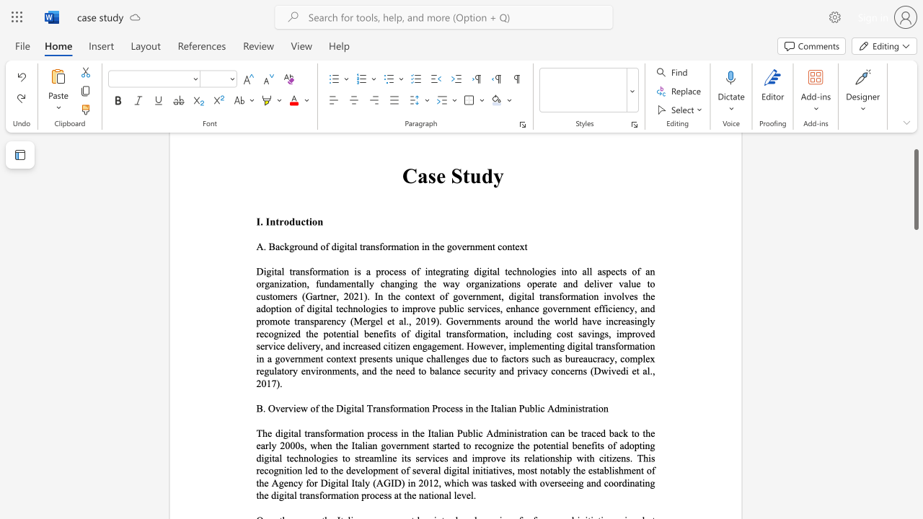  What do you see at coordinates (915, 189) in the screenshot?
I see `the scrollbar and move up 70 pixels` at bounding box center [915, 189].